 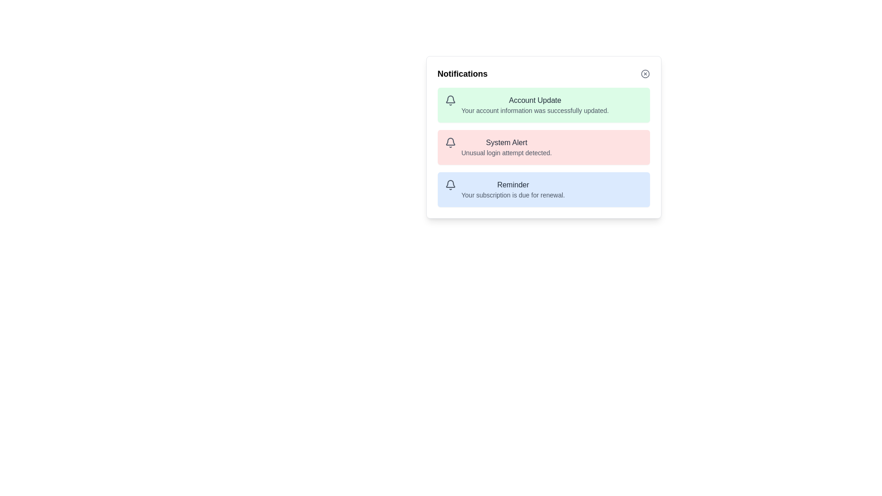 What do you see at coordinates (450, 185) in the screenshot?
I see `the bell-shaped icon located at the top-left corner of the blue notification panel, which is adjacent to the 'Reminder' text` at bounding box center [450, 185].